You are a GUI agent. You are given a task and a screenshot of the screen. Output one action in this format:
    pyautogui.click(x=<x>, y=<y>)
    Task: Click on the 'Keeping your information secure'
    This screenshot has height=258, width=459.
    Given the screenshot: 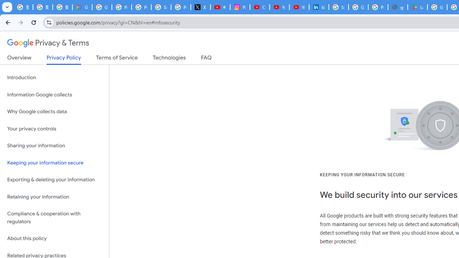 What is the action you would take?
    pyautogui.click(x=54, y=163)
    